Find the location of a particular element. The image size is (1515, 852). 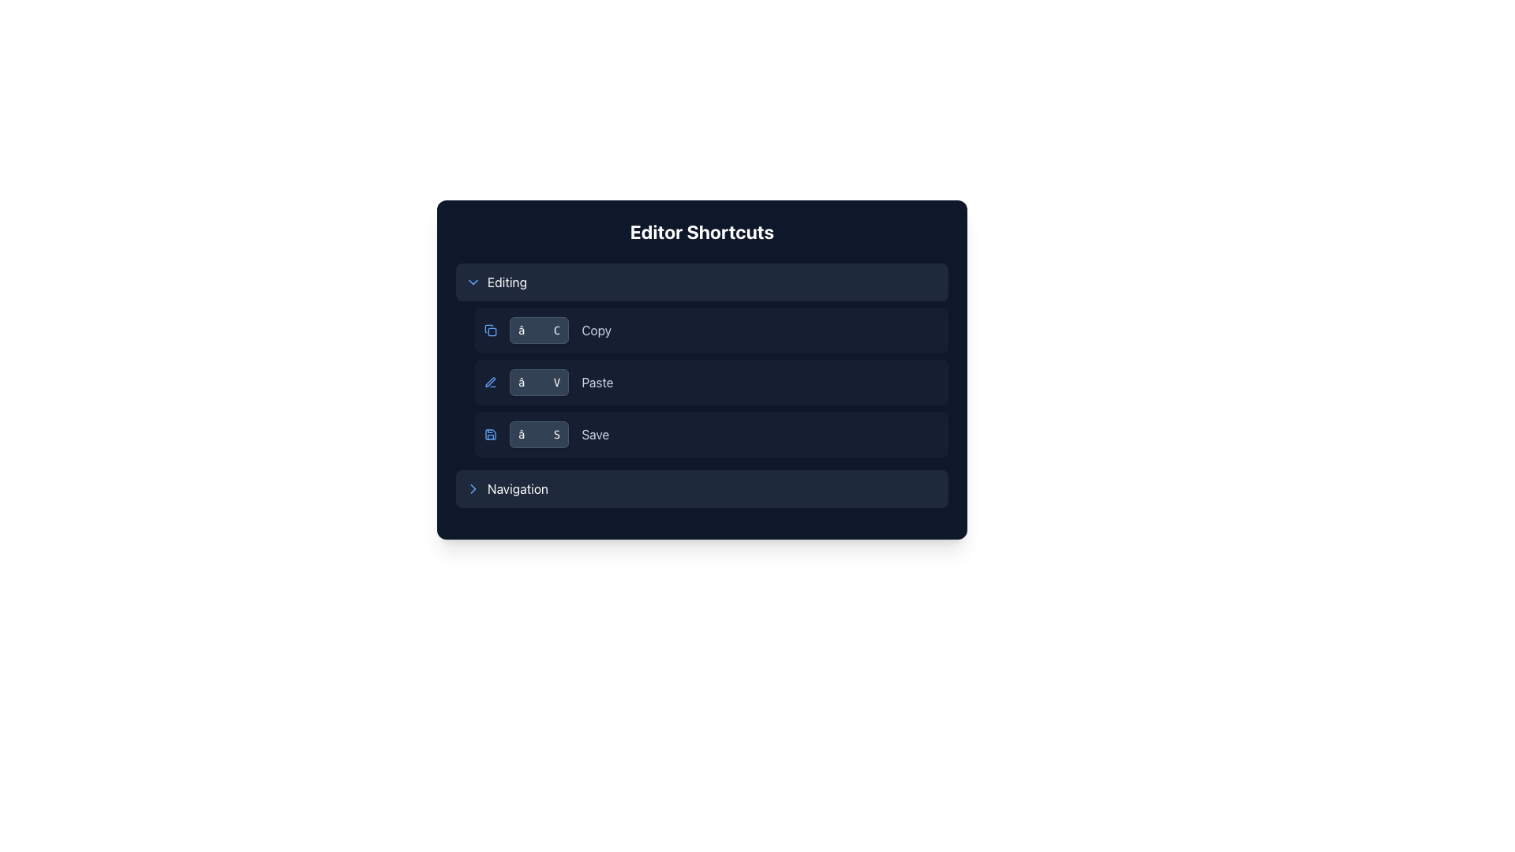

the keyboard shortcut associated with the 'Save' action in the Shortcut indicator panel, which displays '⌘ S' is located at coordinates (711, 435).